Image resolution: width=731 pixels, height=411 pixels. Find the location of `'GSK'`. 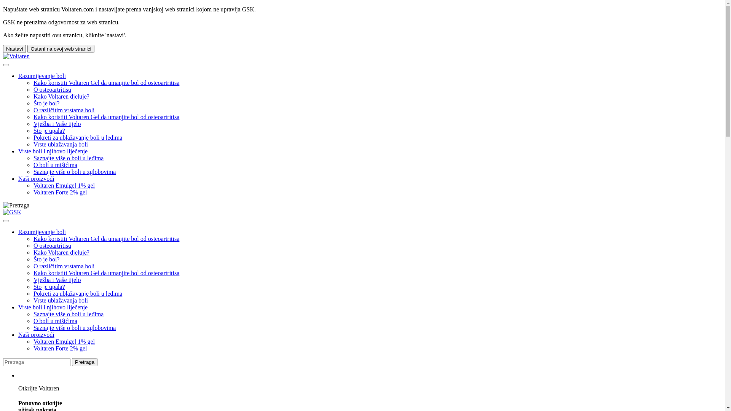

'GSK' is located at coordinates (12, 212).